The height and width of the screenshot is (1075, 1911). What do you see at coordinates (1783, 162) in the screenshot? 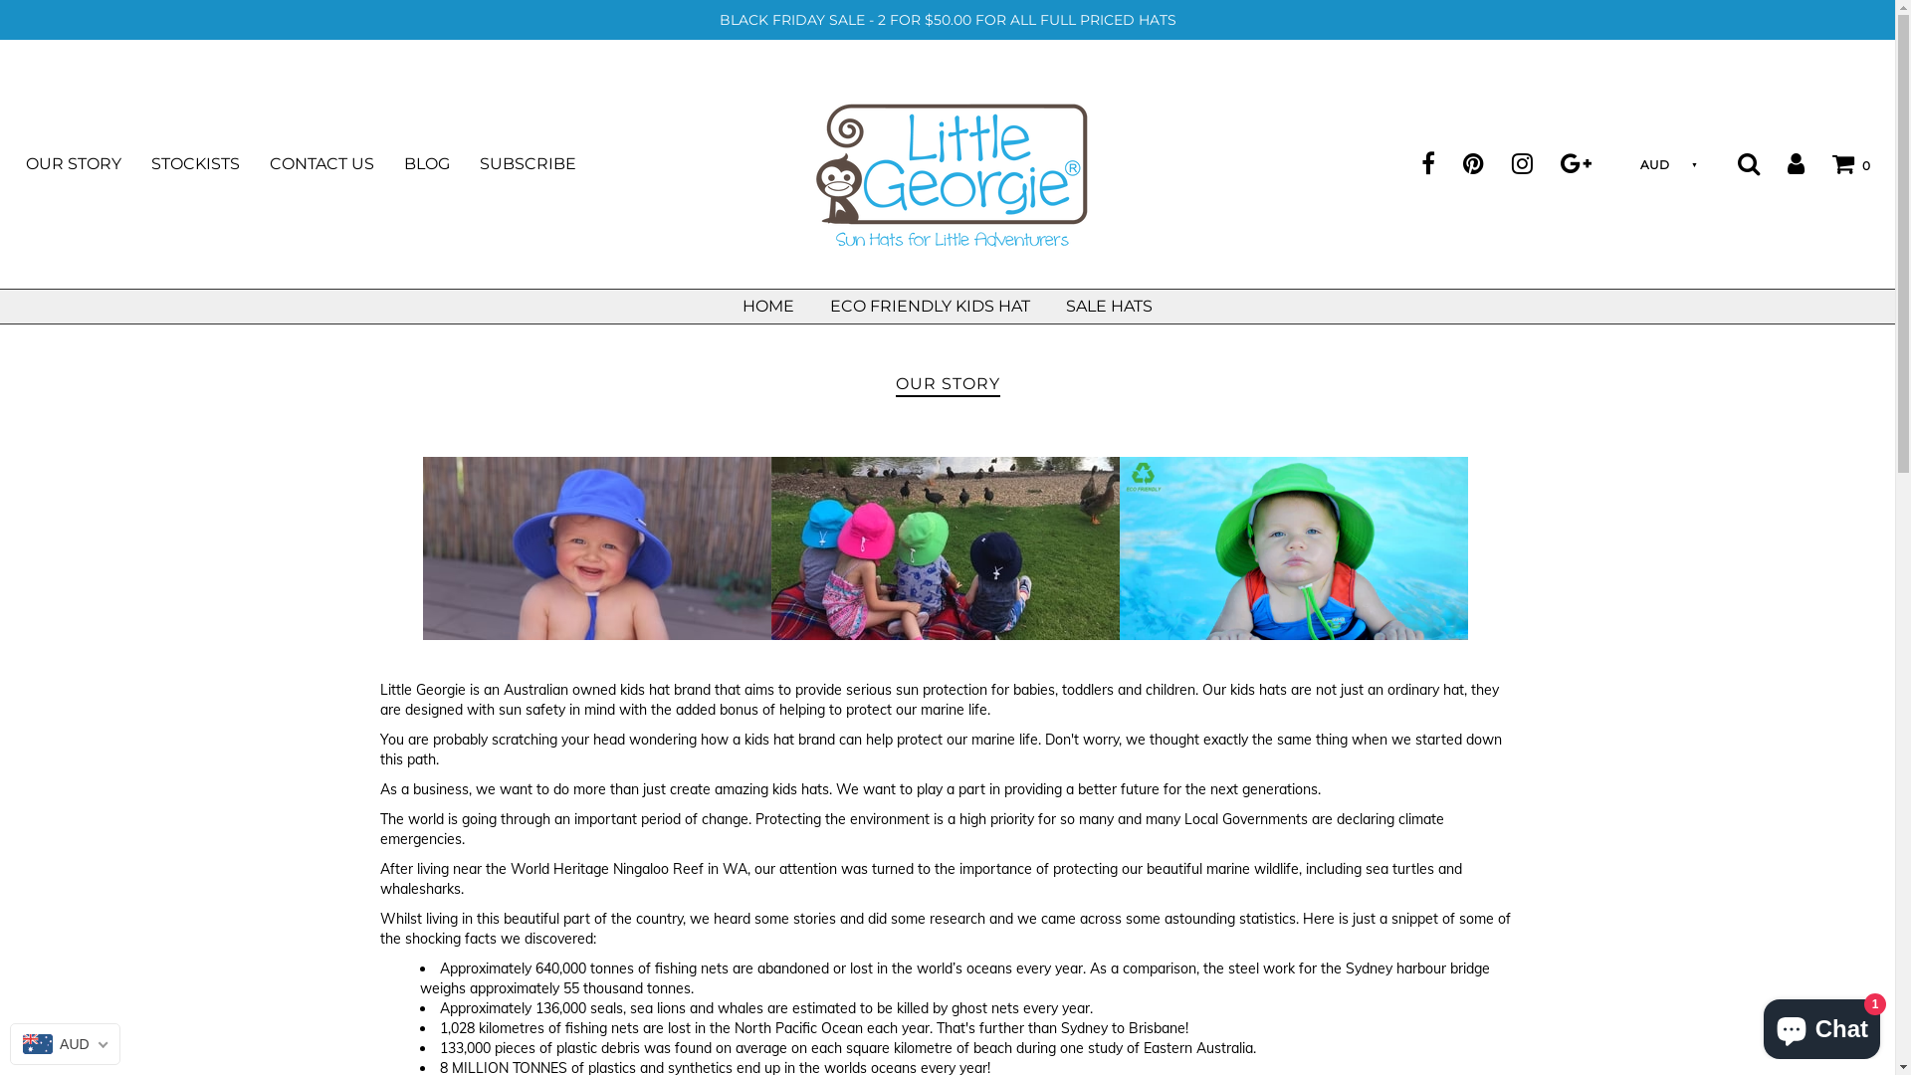
I see `'Log in'` at bounding box center [1783, 162].